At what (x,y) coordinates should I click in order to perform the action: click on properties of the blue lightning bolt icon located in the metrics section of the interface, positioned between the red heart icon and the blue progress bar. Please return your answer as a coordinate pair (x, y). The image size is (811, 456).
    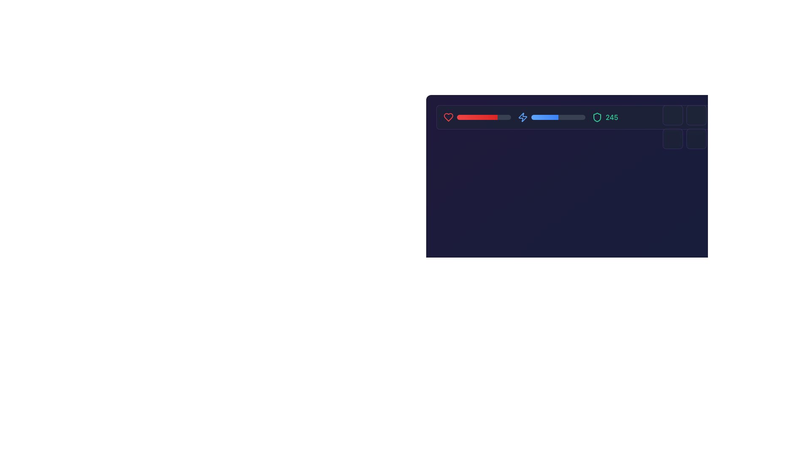
    Looking at the image, I should click on (523, 117).